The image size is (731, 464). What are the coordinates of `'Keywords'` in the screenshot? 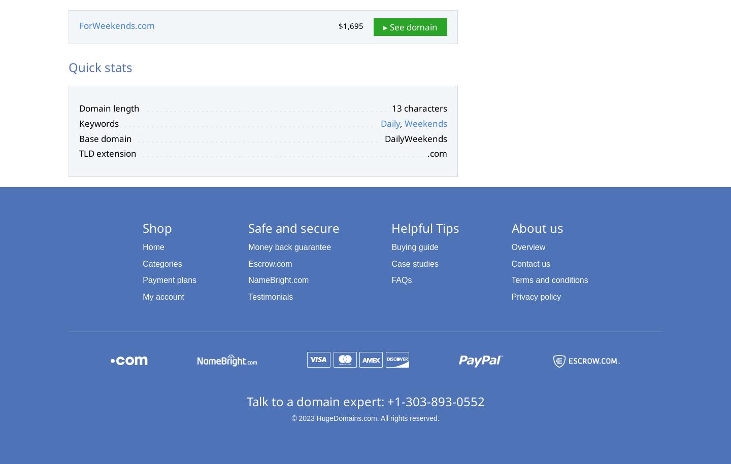 It's located at (98, 123).